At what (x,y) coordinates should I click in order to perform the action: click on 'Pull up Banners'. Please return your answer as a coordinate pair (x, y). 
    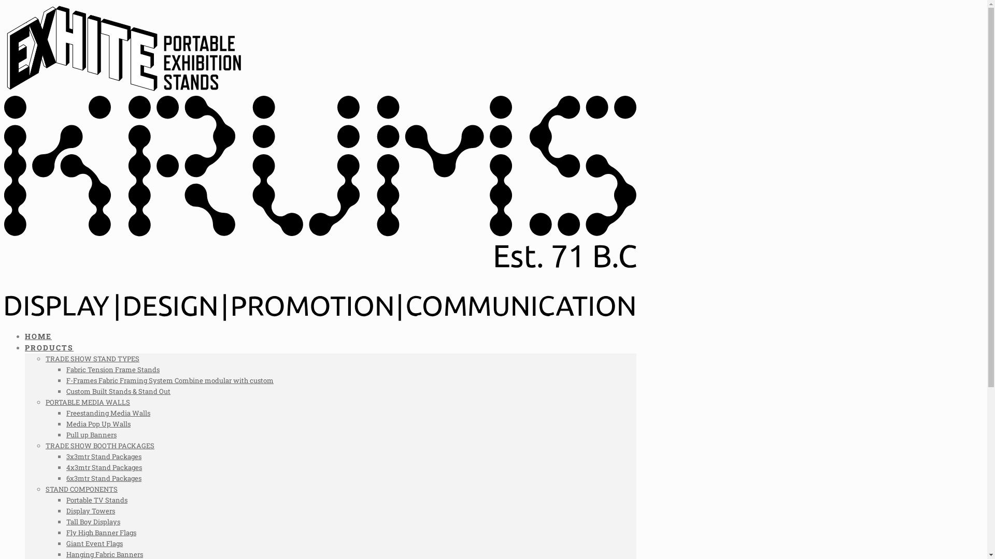
    Looking at the image, I should click on (91, 435).